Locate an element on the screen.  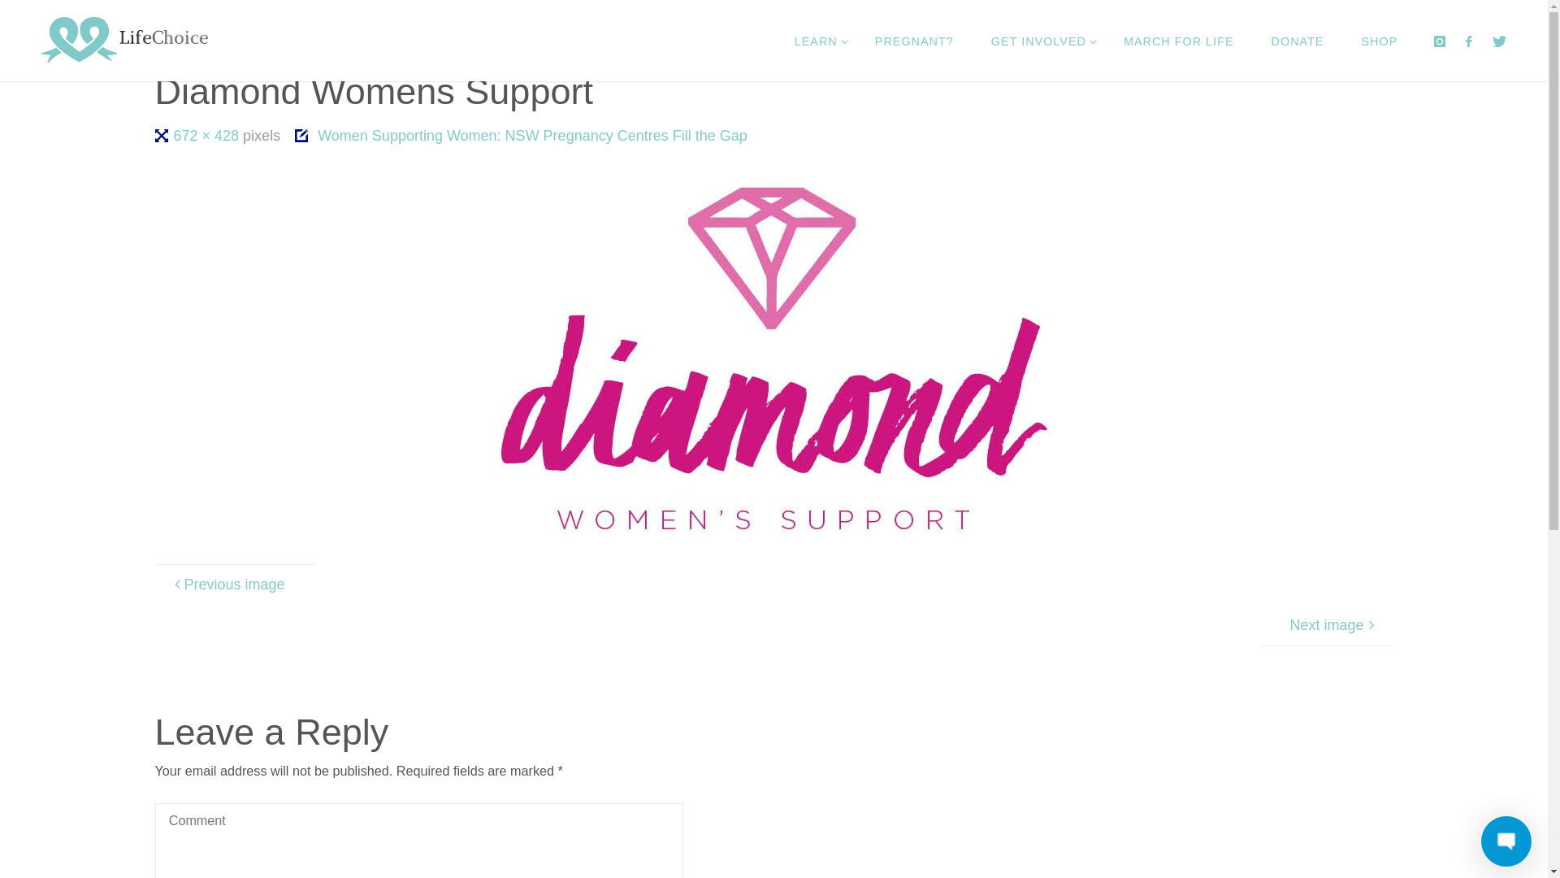
'Next image' is located at coordinates (1326, 624).